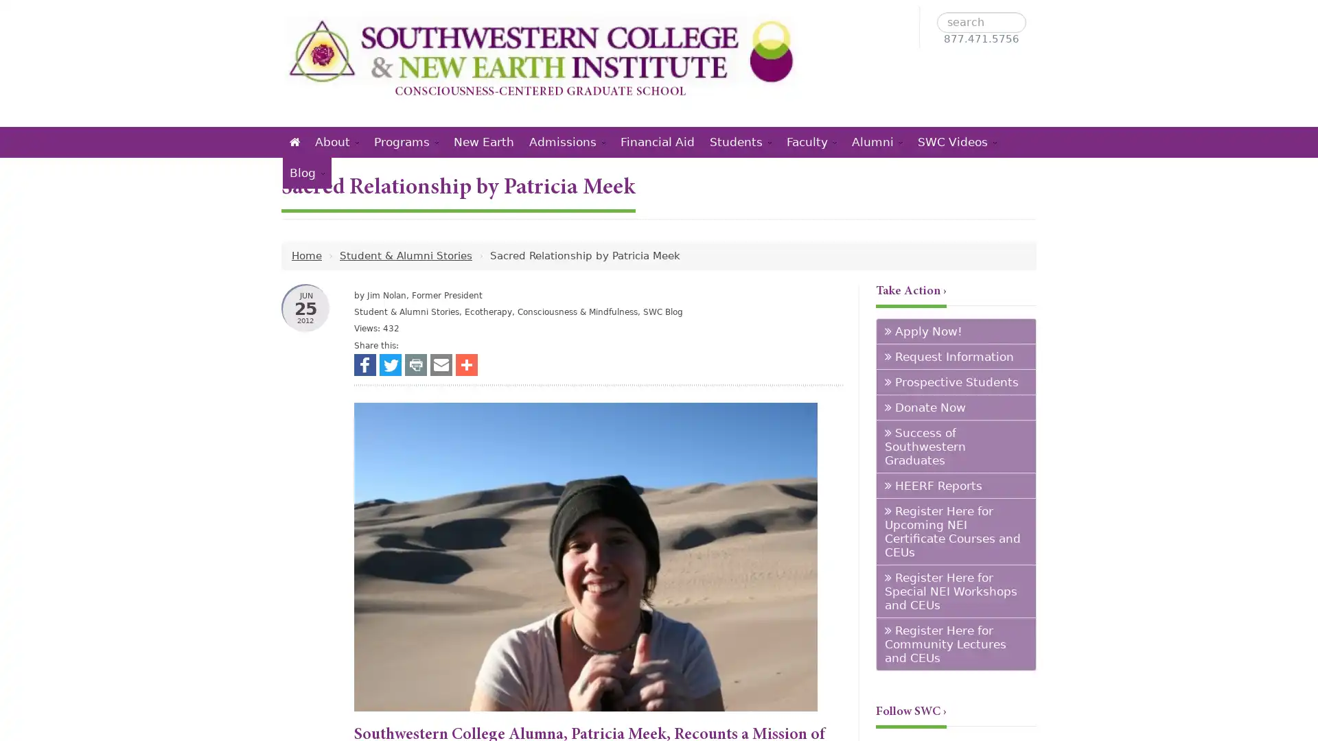  What do you see at coordinates (365, 364) in the screenshot?
I see `Share to Facebook` at bounding box center [365, 364].